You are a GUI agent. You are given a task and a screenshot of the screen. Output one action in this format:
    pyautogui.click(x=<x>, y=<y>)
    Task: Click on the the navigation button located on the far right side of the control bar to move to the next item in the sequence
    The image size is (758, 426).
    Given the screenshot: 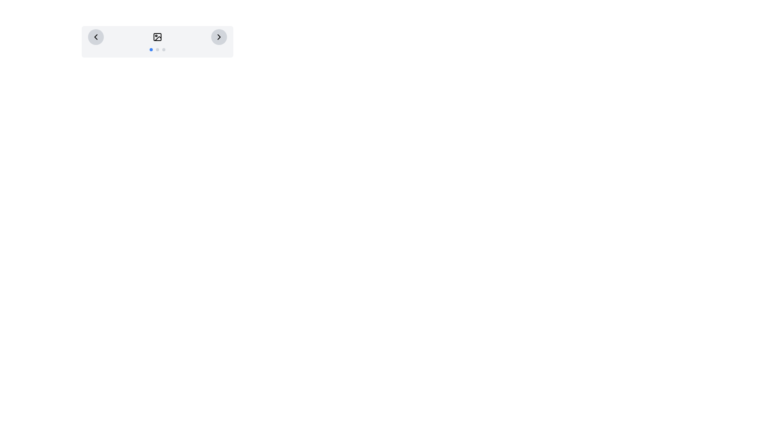 What is the action you would take?
    pyautogui.click(x=219, y=37)
    